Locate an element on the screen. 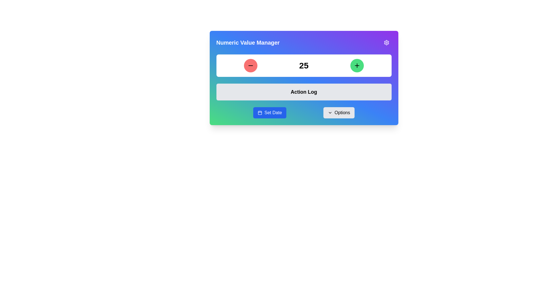 This screenshot has width=539, height=303. the green circular increment button with a black plus sign (+) by tabbing is located at coordinates (357, 65).